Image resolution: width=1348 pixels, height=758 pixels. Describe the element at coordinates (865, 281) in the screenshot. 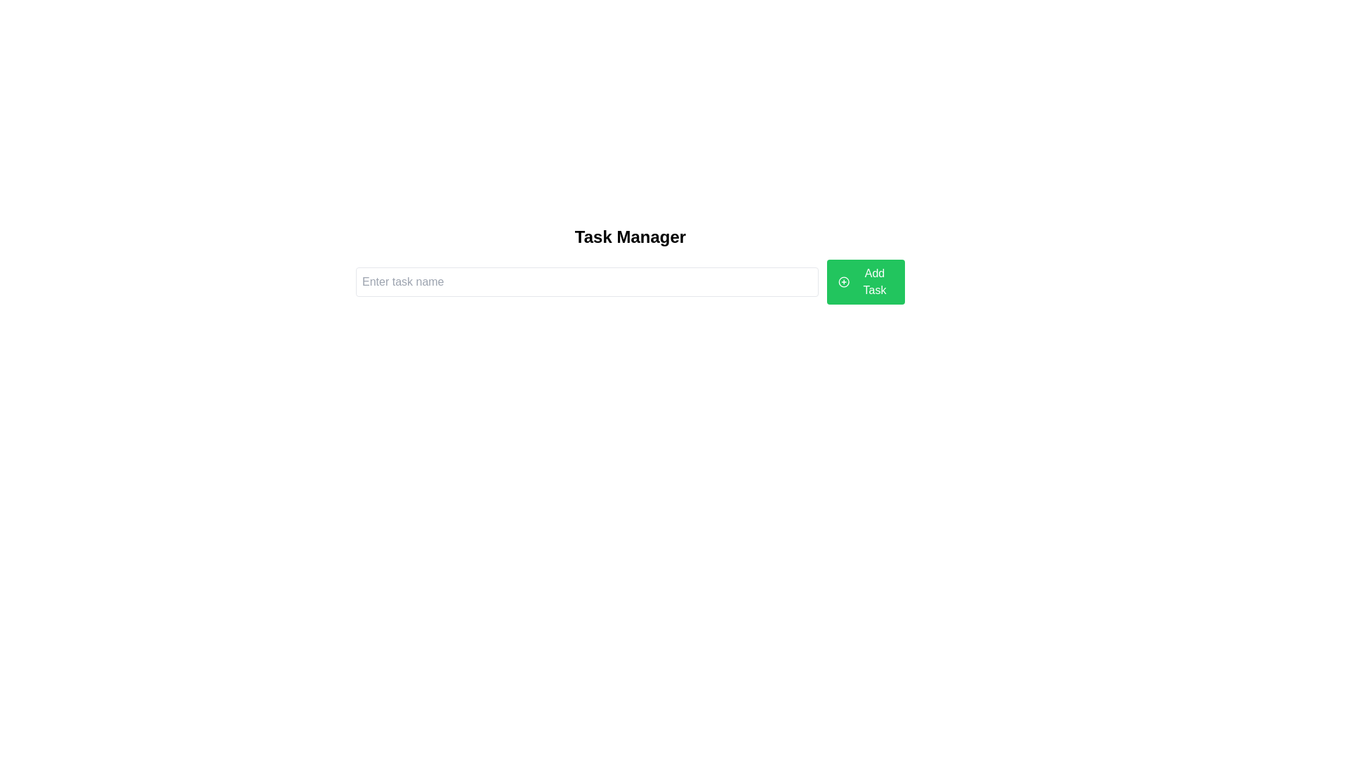

I see `keyboard navigation` at that location.